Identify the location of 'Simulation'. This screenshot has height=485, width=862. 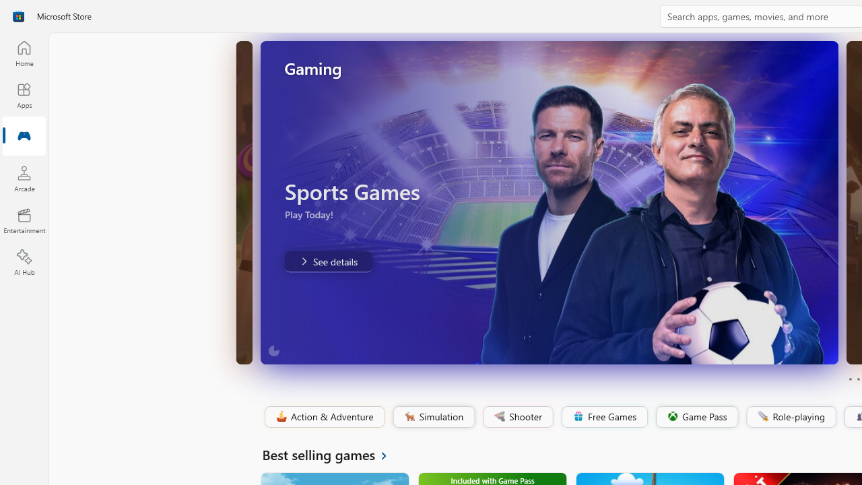
(433, 416).